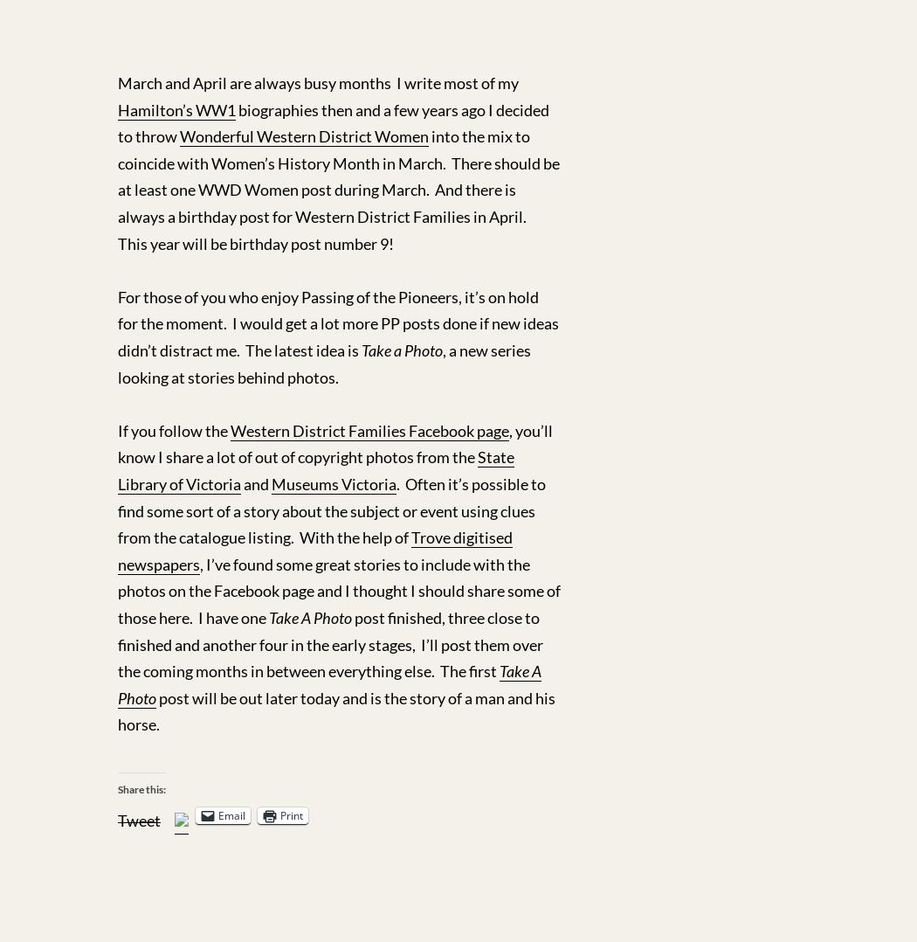 The width and height of the screenshot is (917, 942). I want to click on 'Wonderful Western District Women', so click(303, 135).